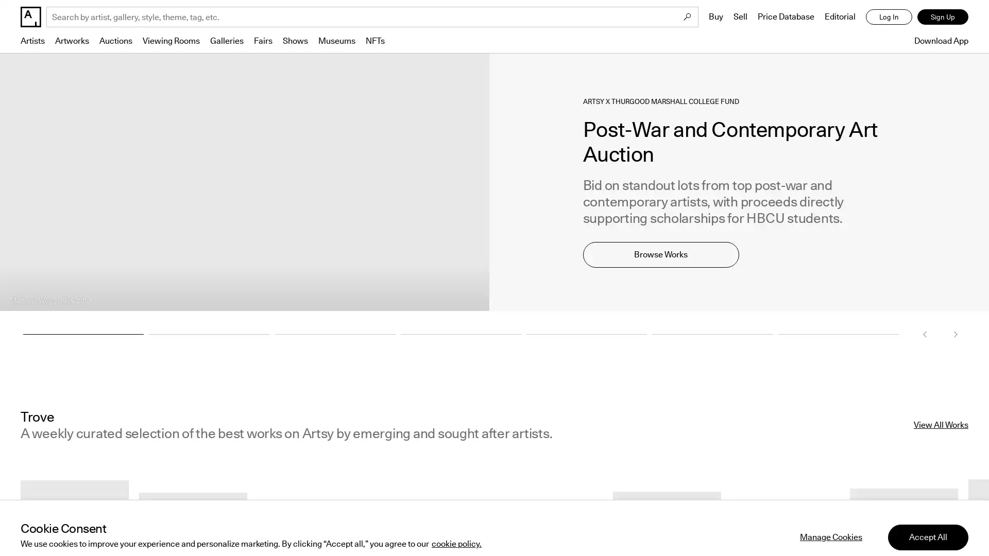  I want to click on Manage Cookies, so click(831, 522).